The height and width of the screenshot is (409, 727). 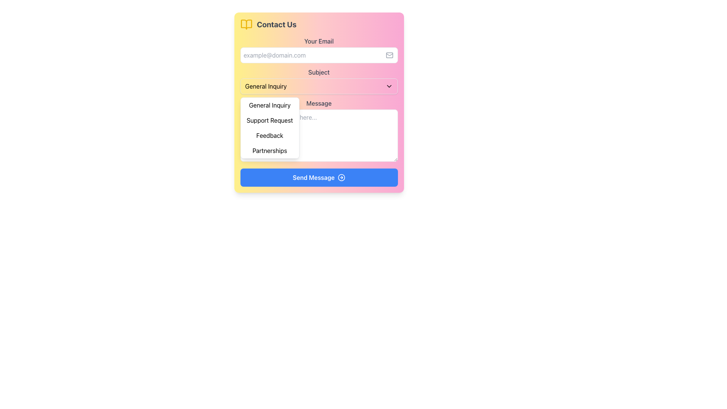 What do you see at coordinates (276, 24) in the screenshot?
I see `the static text label that serves as a title for the form, positioned to the right of an open book icon` at bounding box center [276, 24].